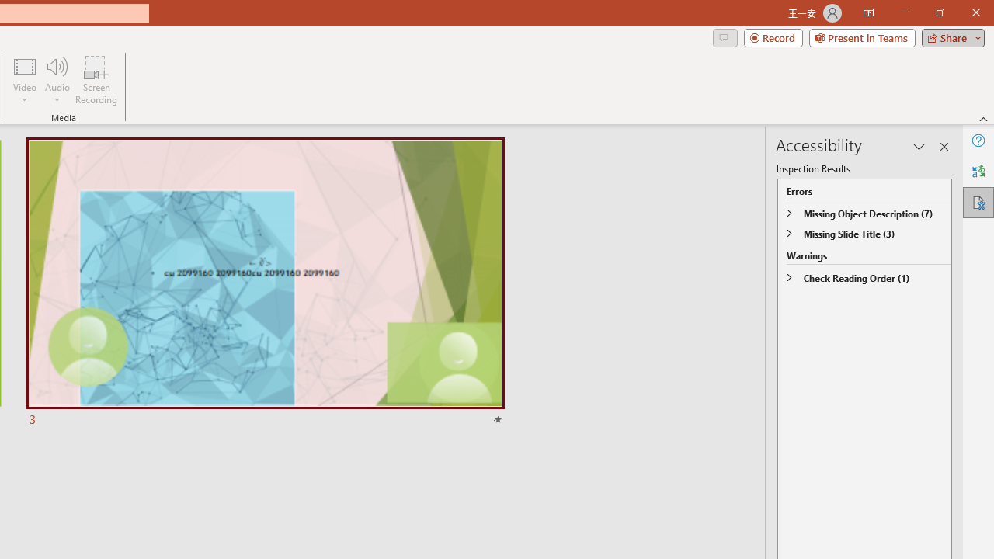  I want to click on 'Audio', so click(57, 80).